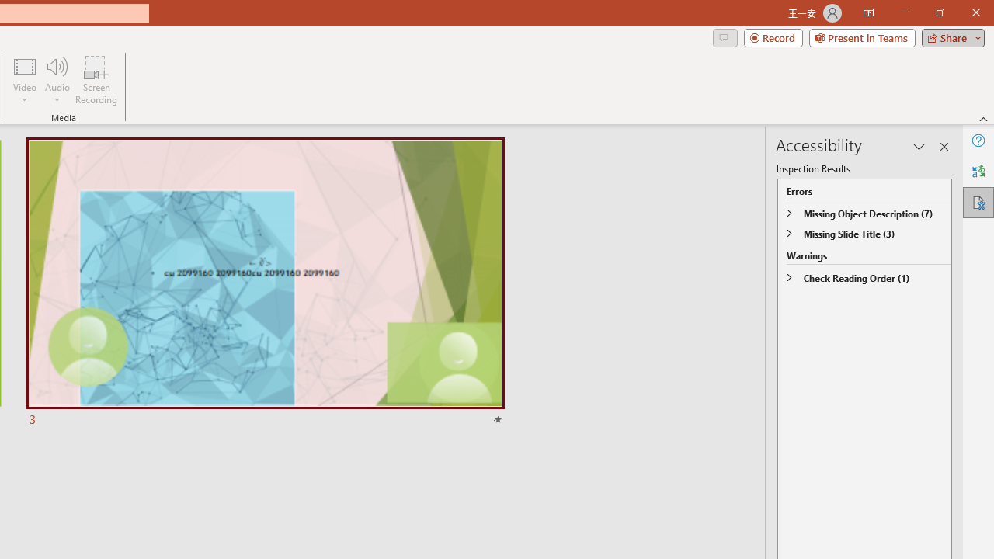  I want to click on 'Audio', so click(57, 80).